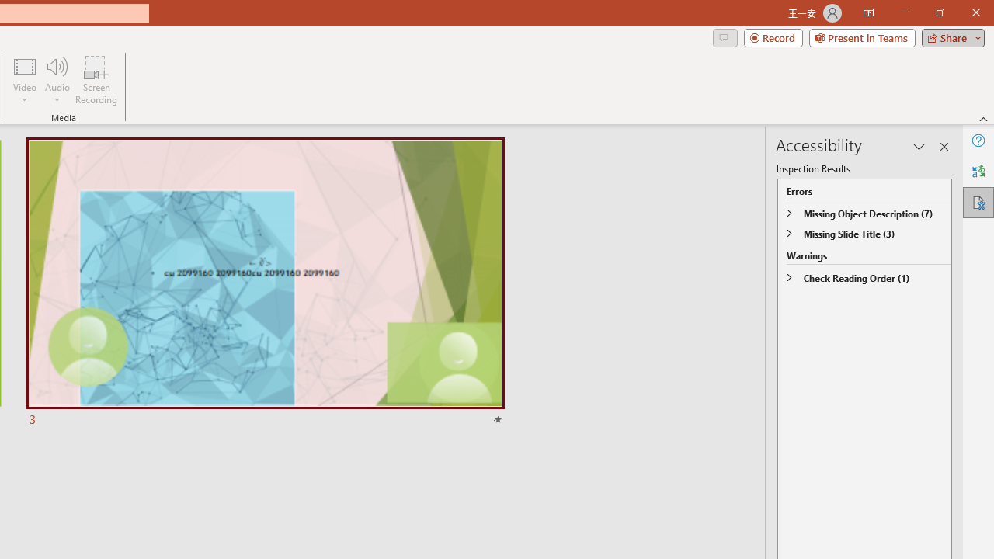  I want to click on 'Audio', so click(57, 80).